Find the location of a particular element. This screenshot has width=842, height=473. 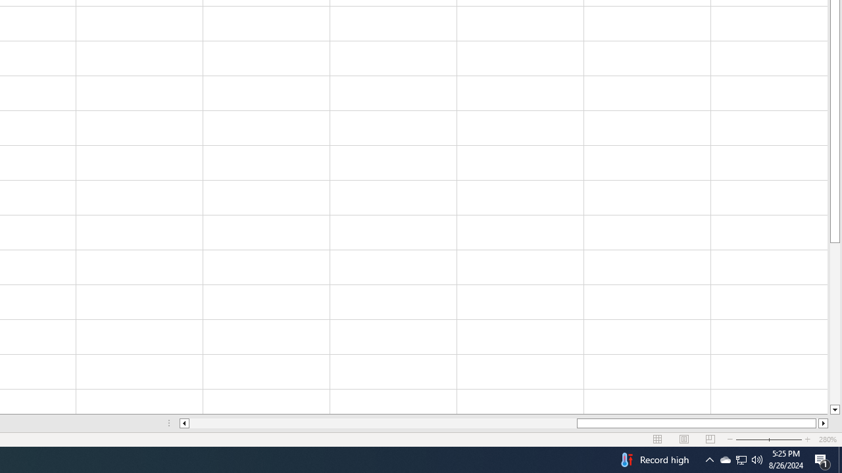

'Zoom Out' is located at coordinates (761, 439).